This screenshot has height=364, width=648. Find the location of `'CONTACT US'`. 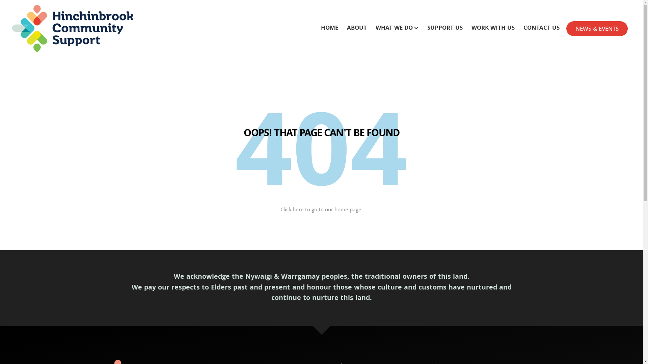

'CONTACT US' is located at coordinates (541, 28).